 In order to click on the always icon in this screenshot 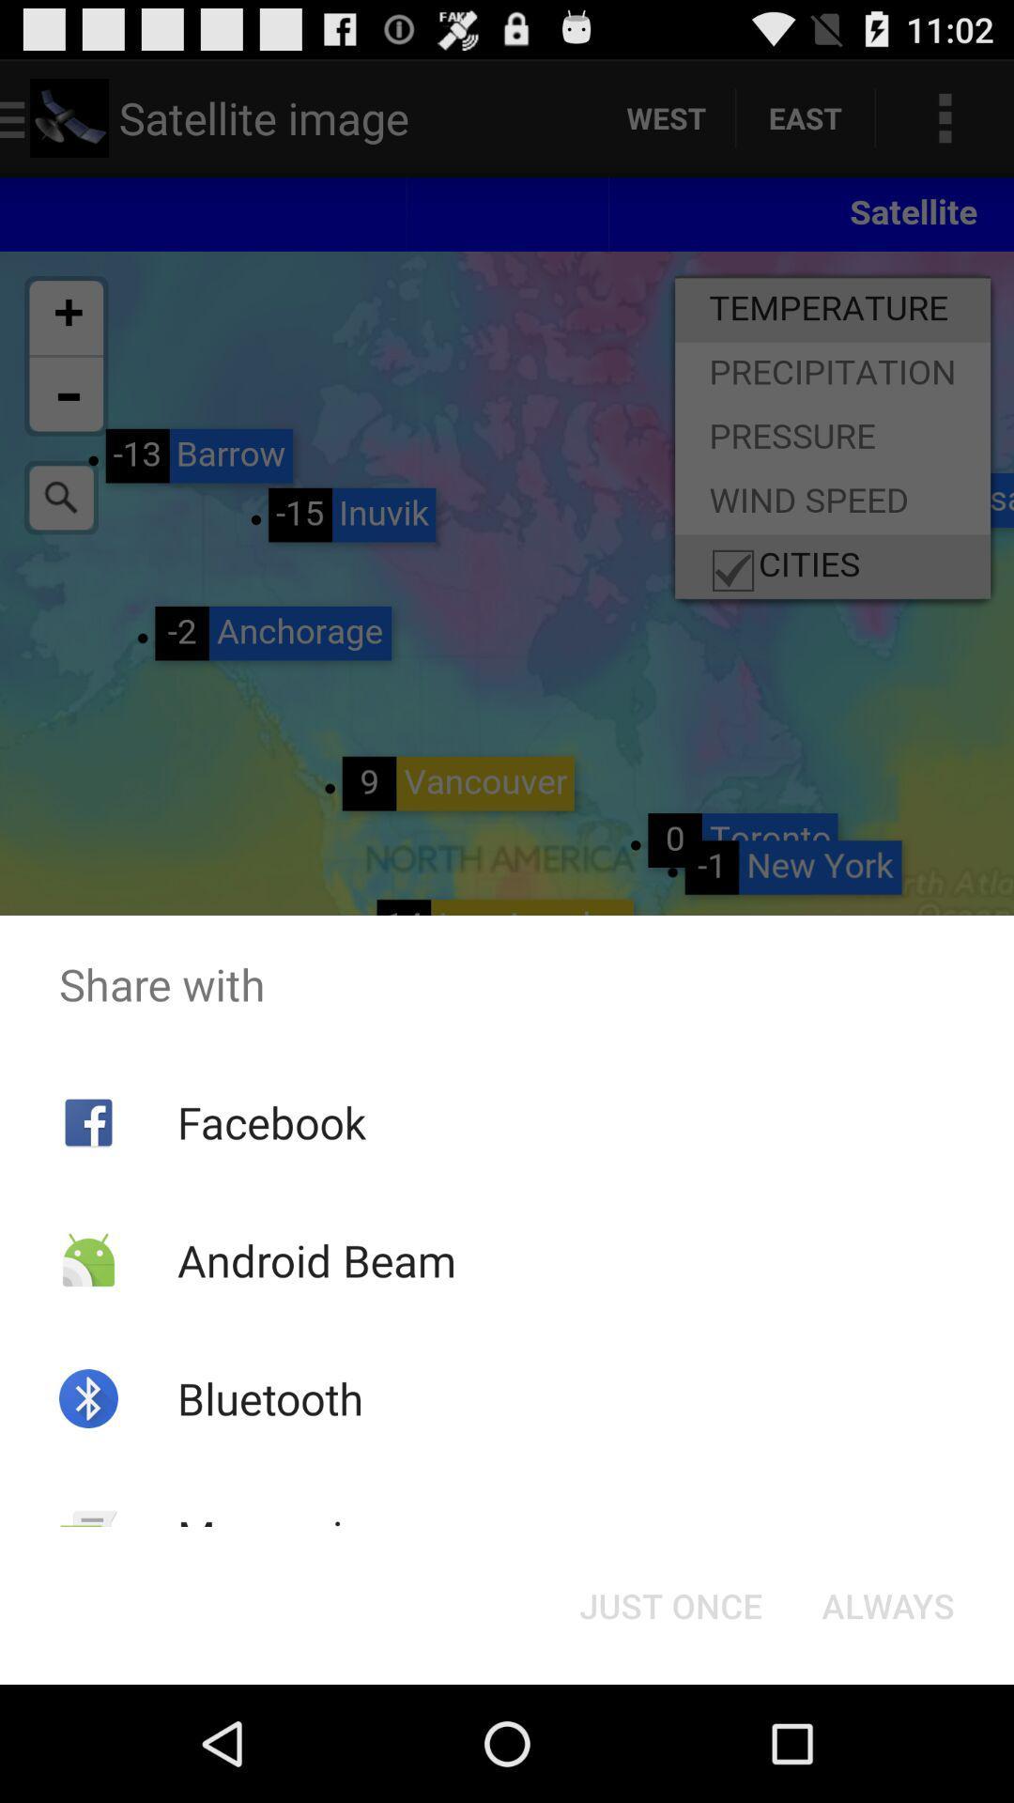, I will do `click(887, 1604)`.